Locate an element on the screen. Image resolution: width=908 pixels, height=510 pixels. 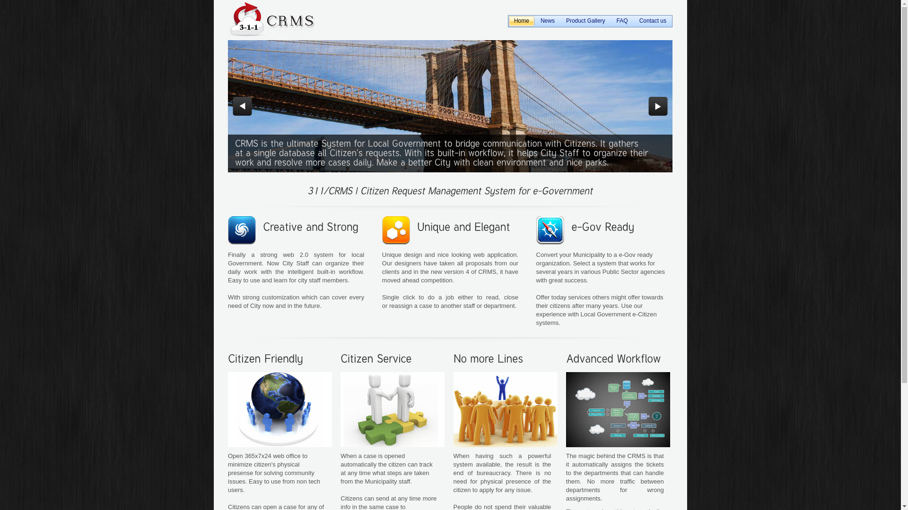
'News' is located at coordinates (547, 21).